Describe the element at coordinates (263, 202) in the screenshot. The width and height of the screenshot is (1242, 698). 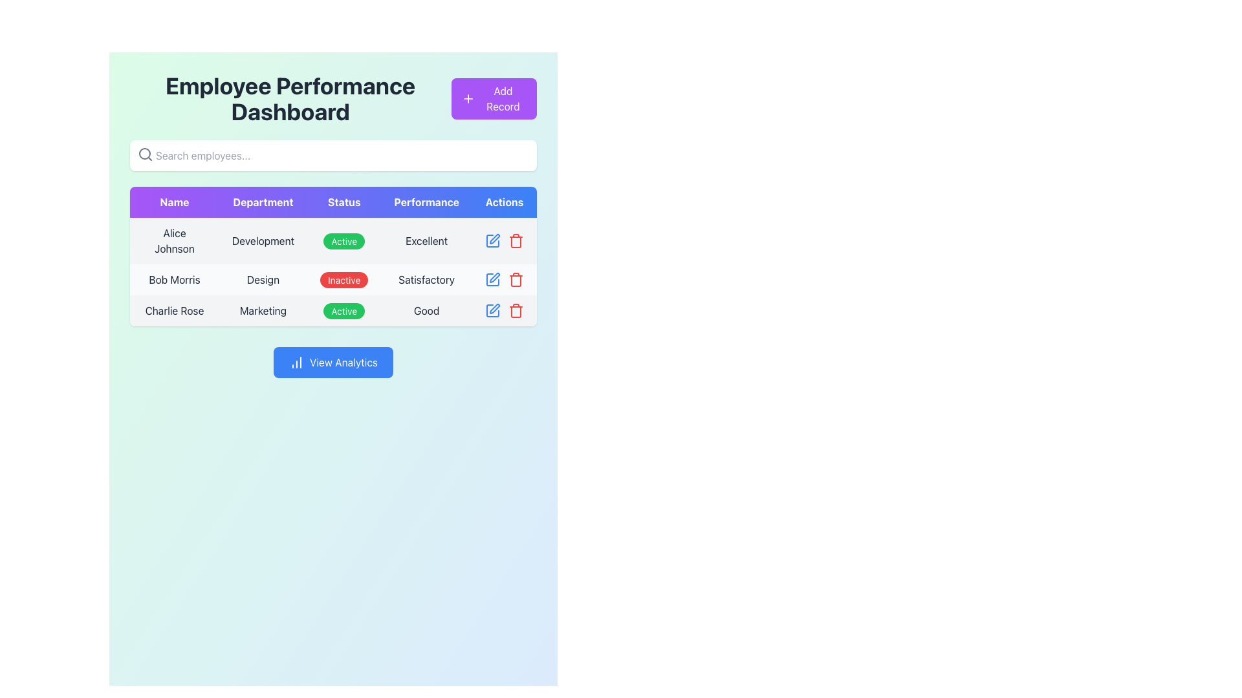
I see `the 'Departments' text label, which is the second column header in the table, located between 'Name' and 'Status'` at that location.